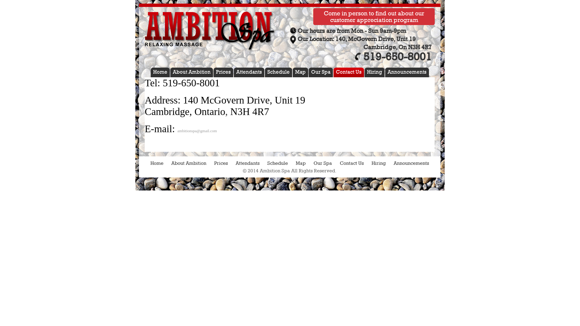  What do you see at coordinates (214, 163) in the screenshot?
I see `'Prices'` at bounding box center [214, 163].